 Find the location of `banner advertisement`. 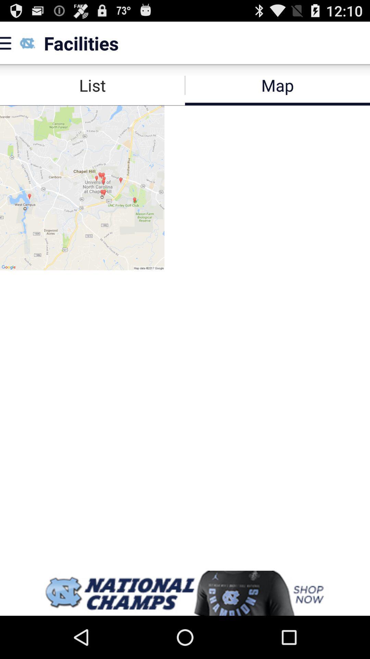

banner advertisement is located at coordinates (185, 593).